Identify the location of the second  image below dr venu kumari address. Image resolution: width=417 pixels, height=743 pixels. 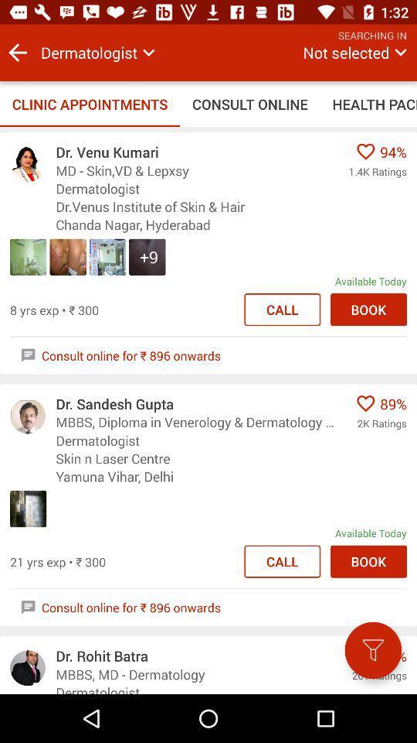
(67, 257).